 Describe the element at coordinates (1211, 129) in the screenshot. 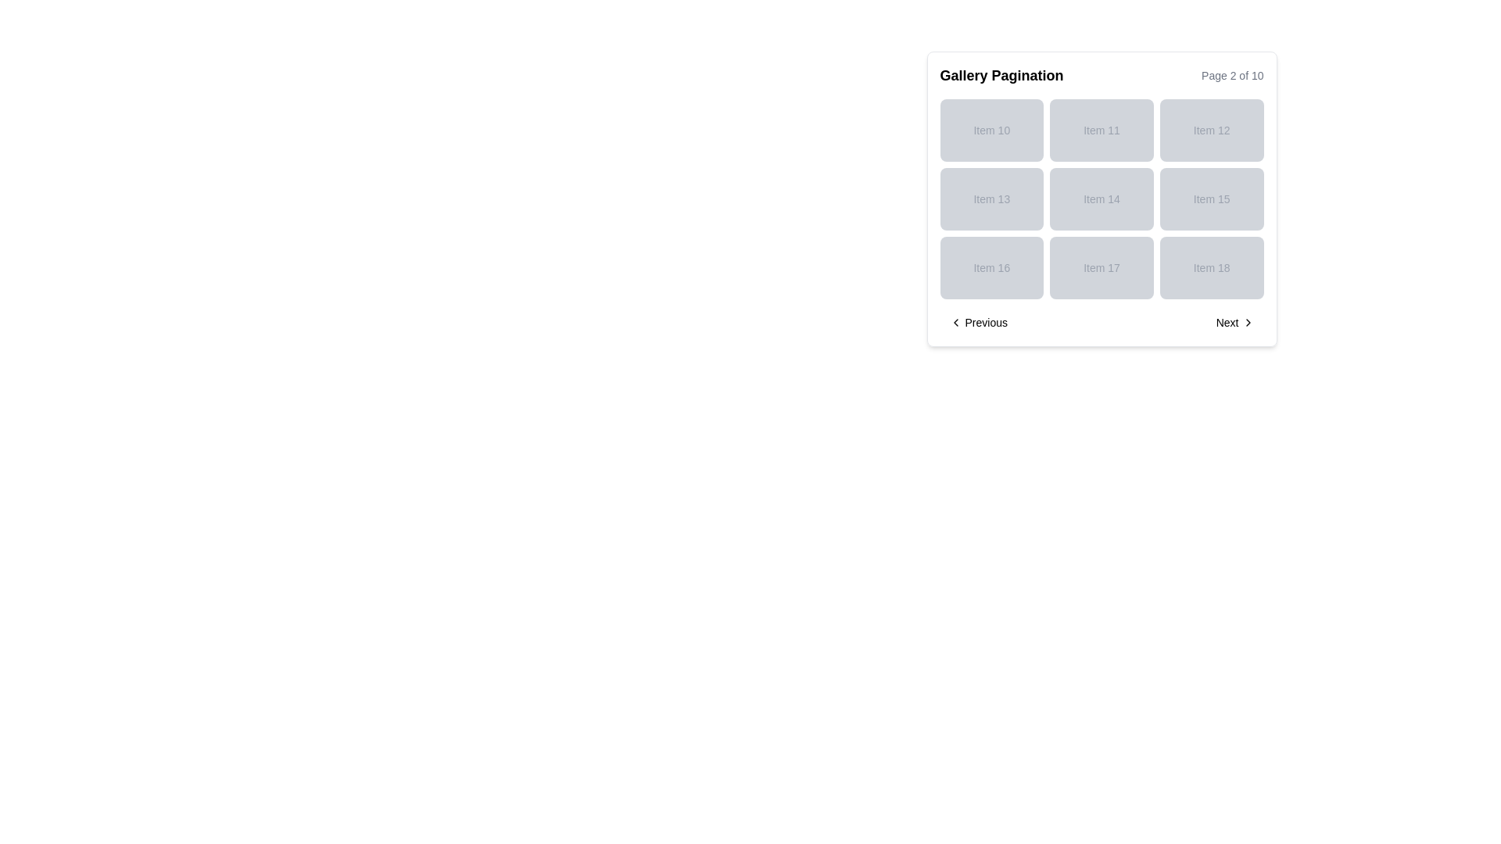

I see `the Text display card that shows 'Item 12', which is located in the first row, third column of a 3x3 grid of similar cards` at that location.